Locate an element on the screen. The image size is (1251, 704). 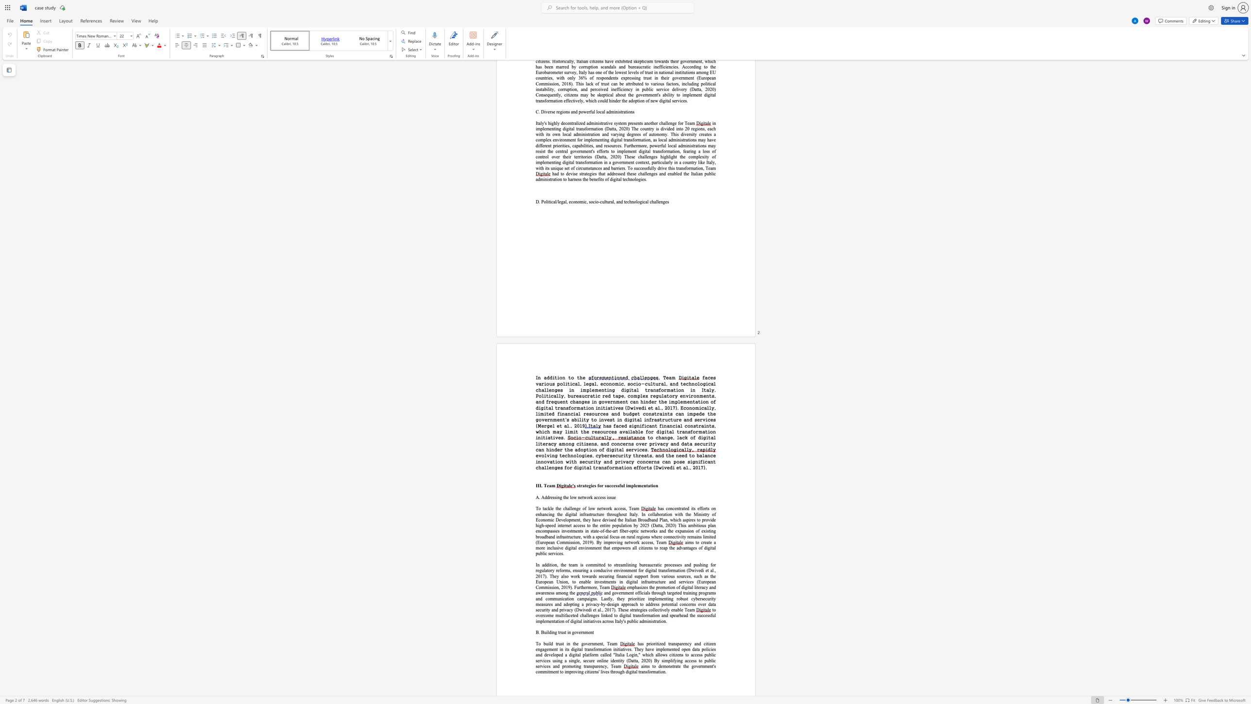
the subset text ", and the need to balance innovation with security and privacy concerns ca" within the text "evolving technologies, cybersecurity threats, and the need to balance innovation with security and privacy concerns can pose significant" is located at coordinates (652, 455).